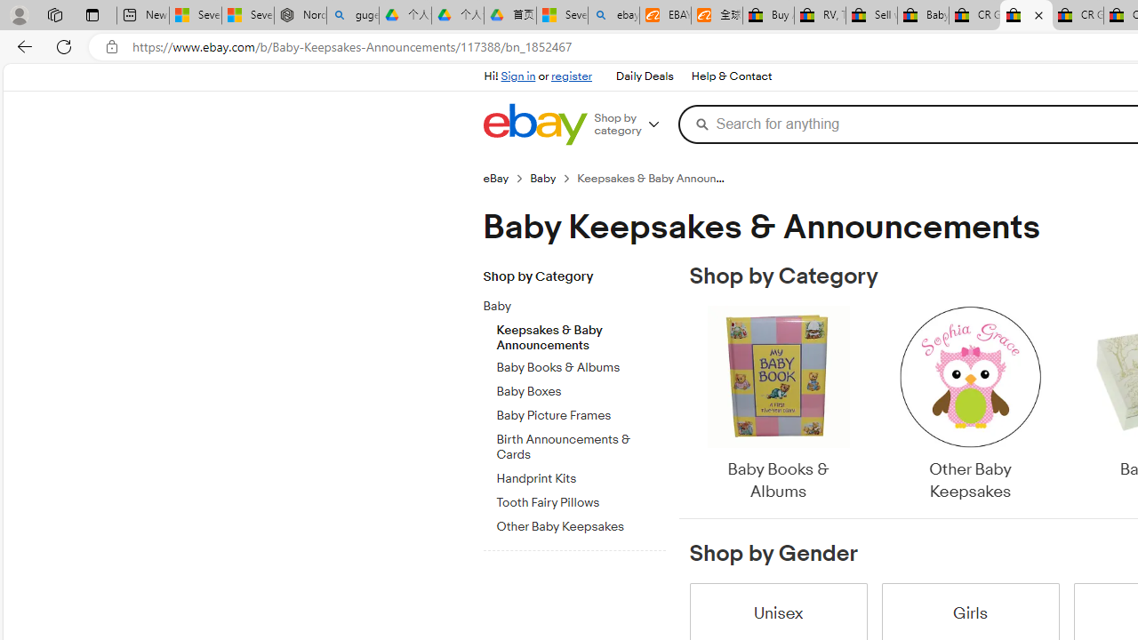  Describe the element at coordinates (1026, 15) in the screenshot. I see `'Baby Keepsakes & Announcements for sale | eBay'` at that location.